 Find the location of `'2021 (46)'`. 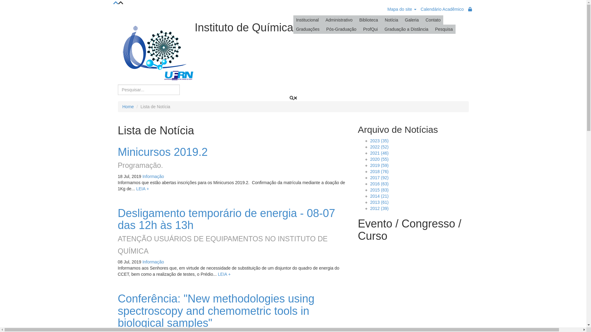

'2021 (46)' is located at coordinates (379, 152).